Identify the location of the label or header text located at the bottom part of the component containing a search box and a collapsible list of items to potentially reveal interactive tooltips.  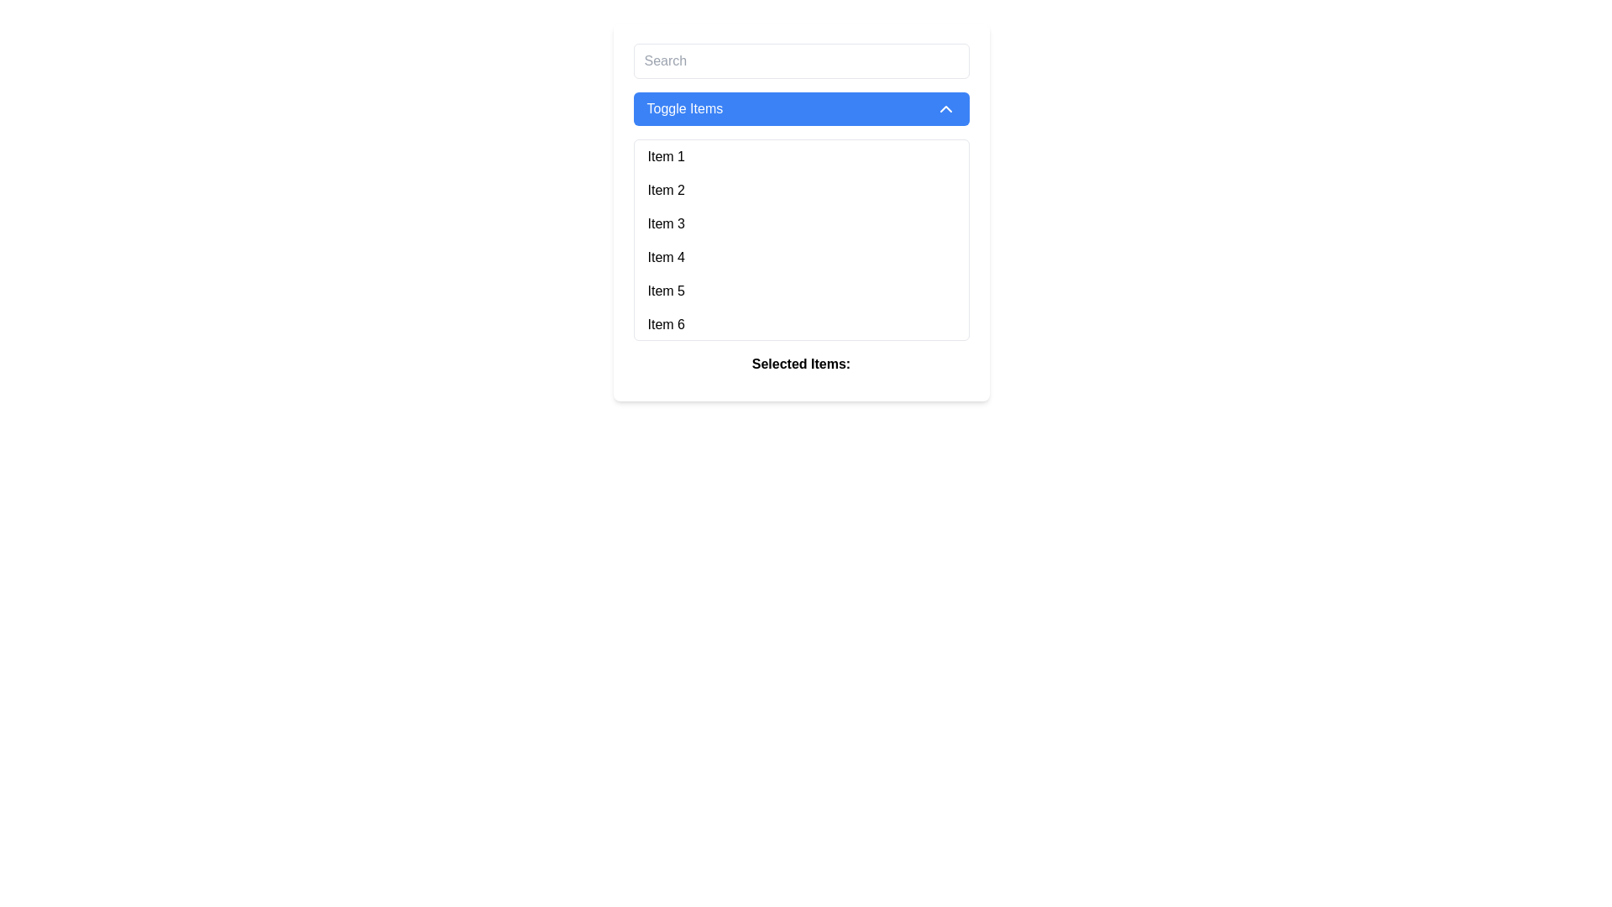
(800, 364).